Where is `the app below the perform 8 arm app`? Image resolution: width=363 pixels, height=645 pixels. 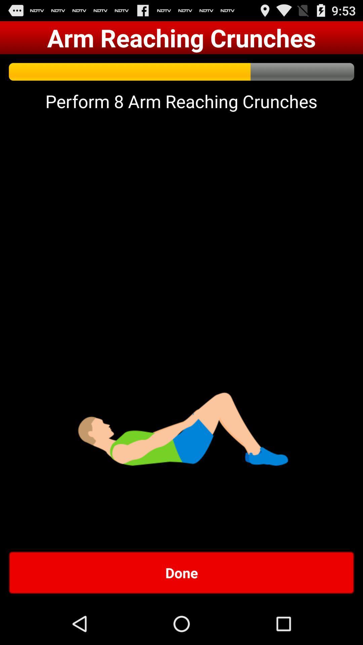 the app below the perform 8 arm app is located at coordinates (182, 572).